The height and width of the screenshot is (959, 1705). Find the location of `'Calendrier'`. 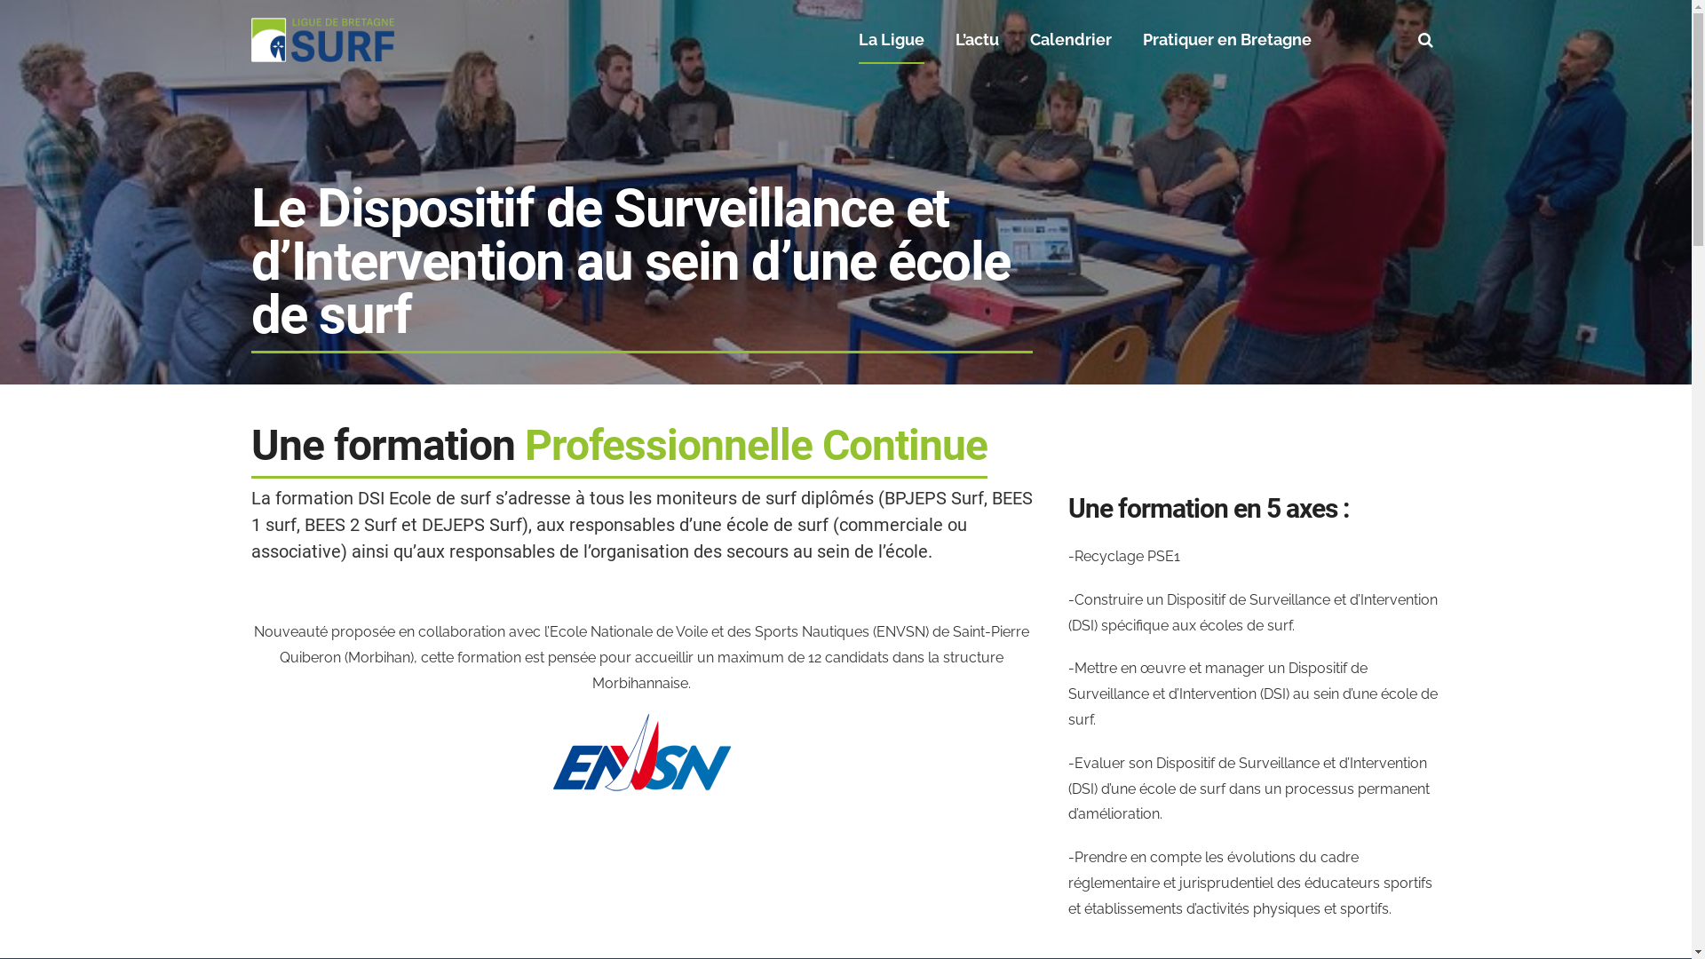

'Calendrier' is located at coordinates (1069, 40).